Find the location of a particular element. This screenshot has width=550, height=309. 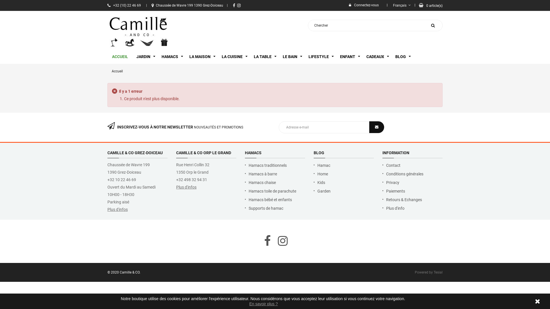

'BLOG' is located at coordinates (402, 56).